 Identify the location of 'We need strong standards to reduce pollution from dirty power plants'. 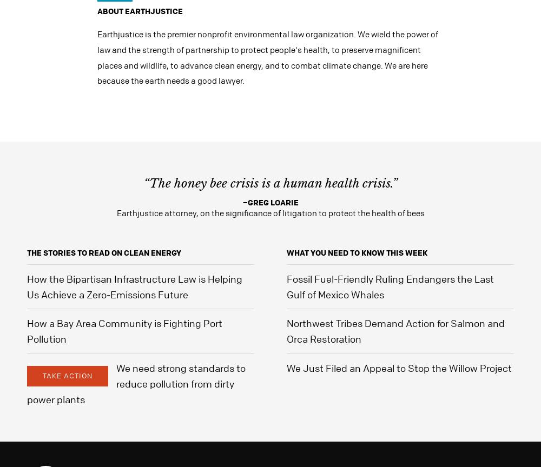
(136, 383).